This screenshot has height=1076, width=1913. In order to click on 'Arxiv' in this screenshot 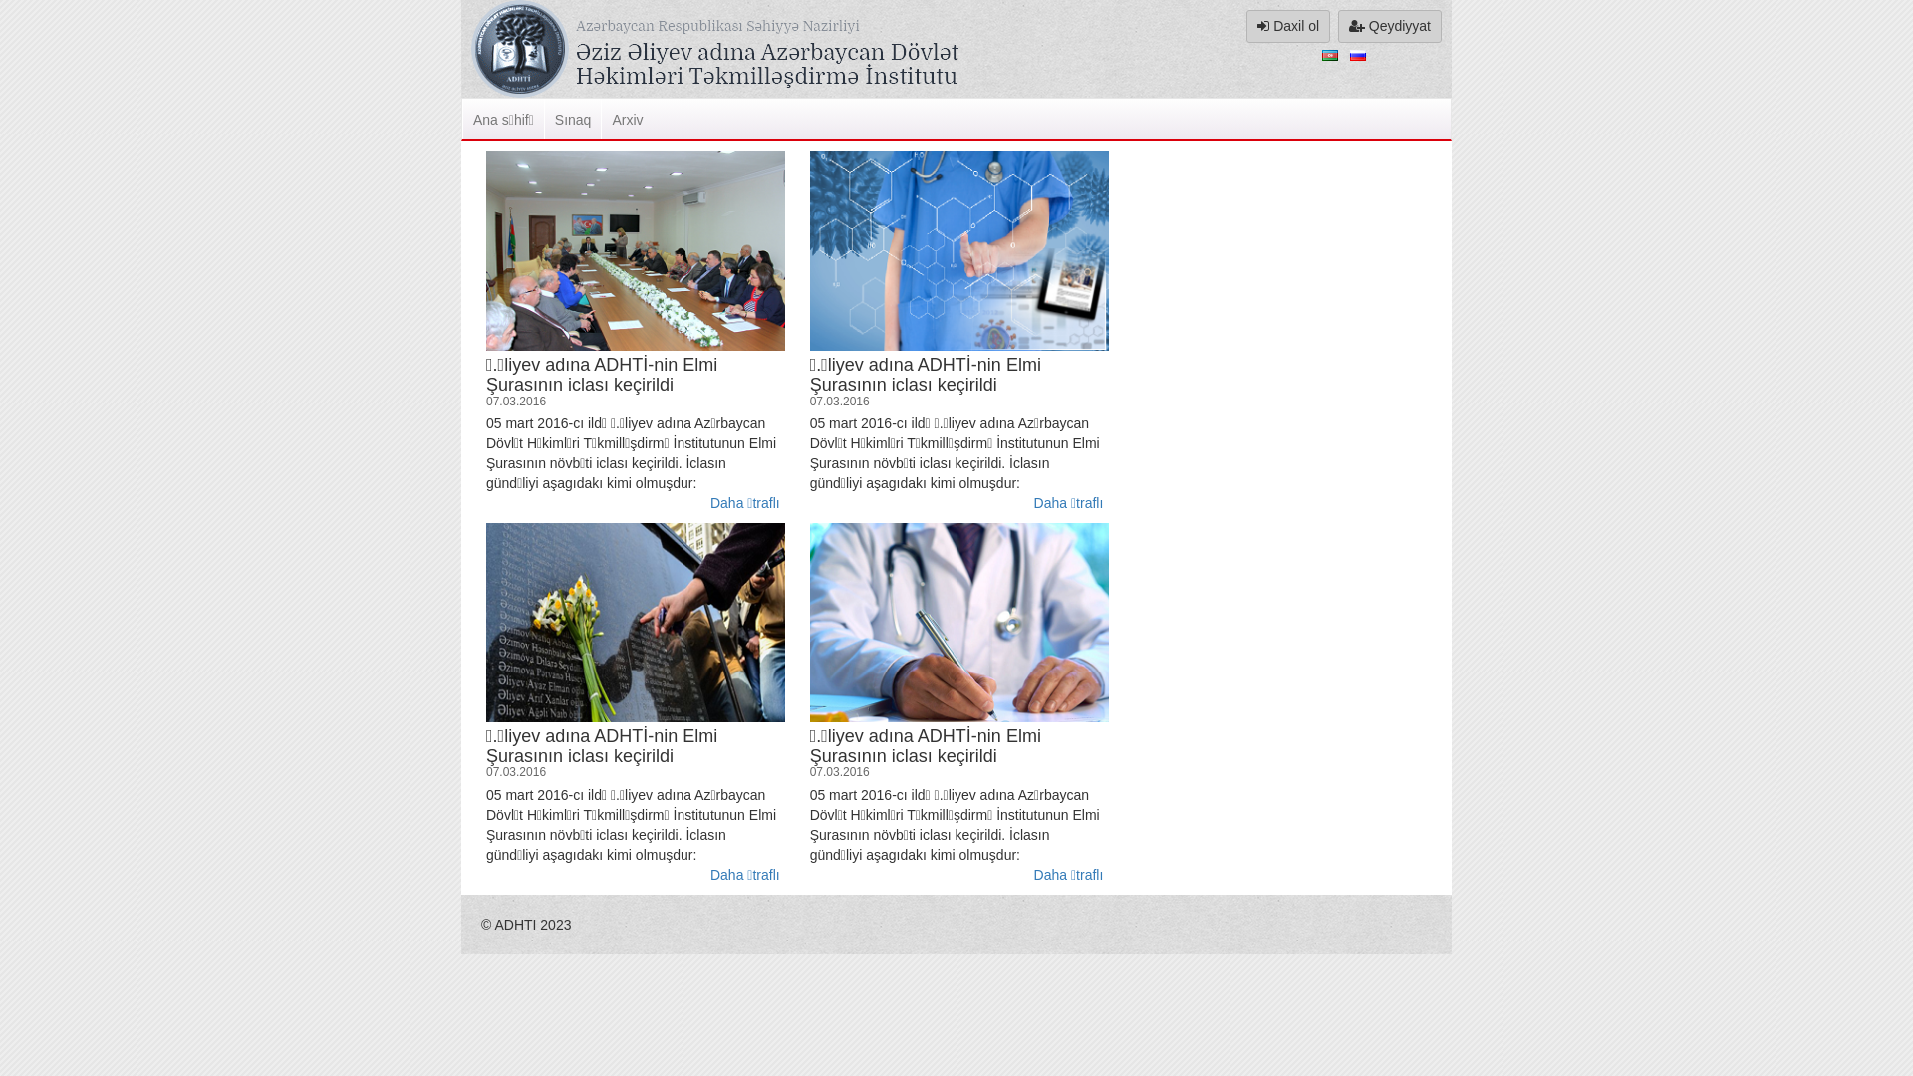, I will do `click(625, 119)`.